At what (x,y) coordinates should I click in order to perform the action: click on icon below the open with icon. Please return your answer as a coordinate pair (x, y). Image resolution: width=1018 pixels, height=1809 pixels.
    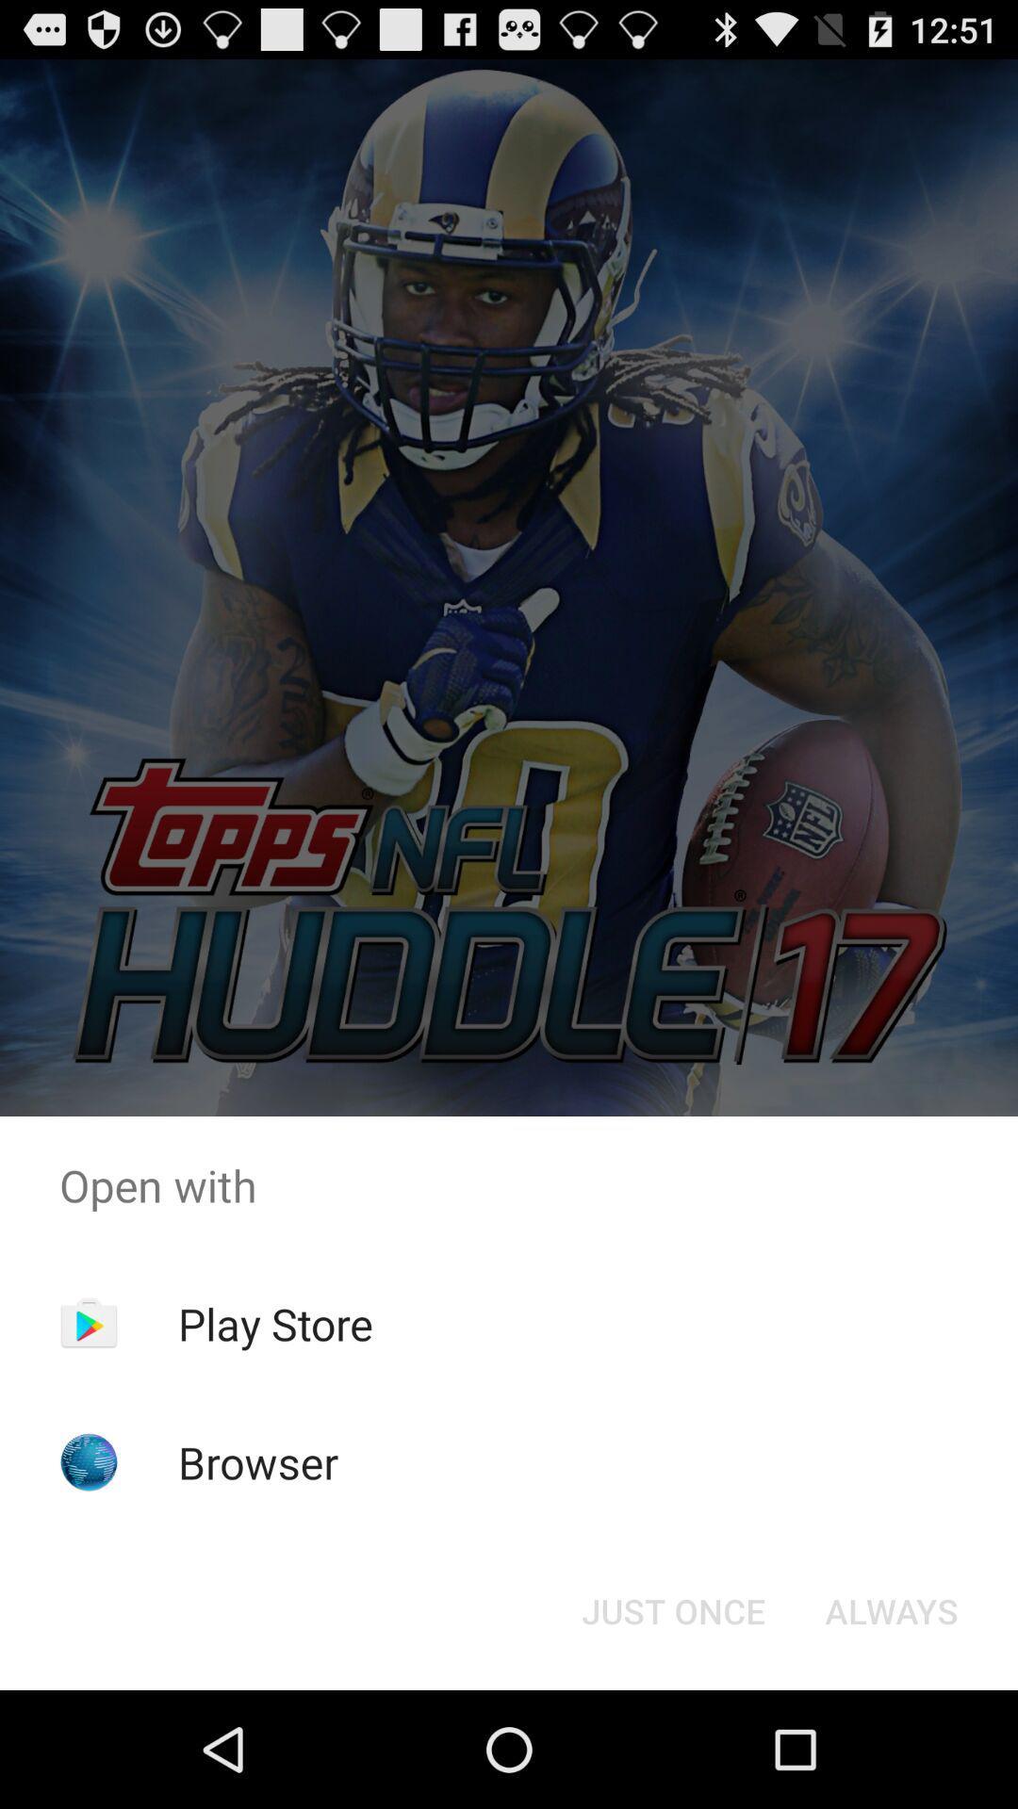
    Looking at the image, I should click on (891, 1609).